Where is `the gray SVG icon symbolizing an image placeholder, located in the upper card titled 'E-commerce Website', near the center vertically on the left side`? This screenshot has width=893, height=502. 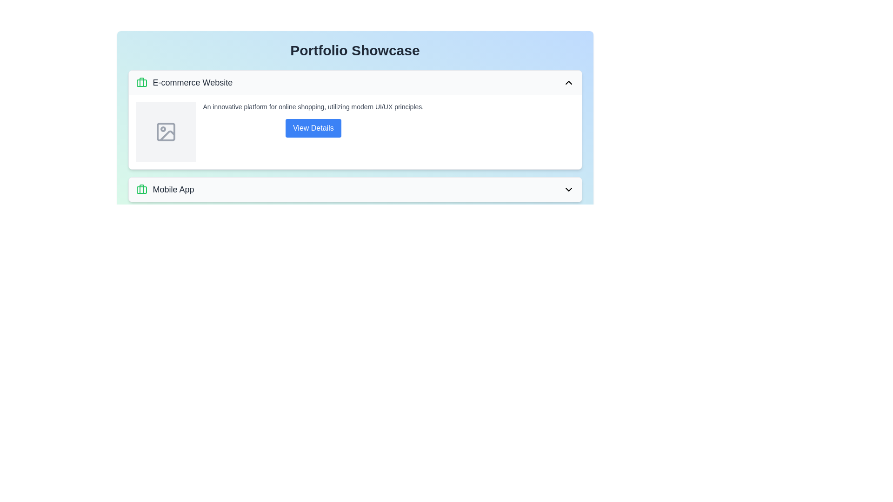
the gray SVG icon symbolizing an image placeholder, located in the upper card titled 'E-commerce Website', near the center vertically on the left side is located at coordinates (166, 132).